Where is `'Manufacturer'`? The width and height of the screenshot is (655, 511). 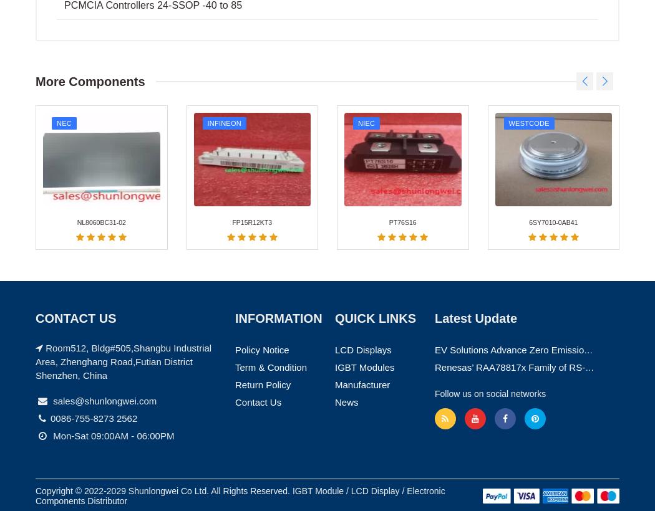 'Manufacturer' is located at coordinates (334, 117).